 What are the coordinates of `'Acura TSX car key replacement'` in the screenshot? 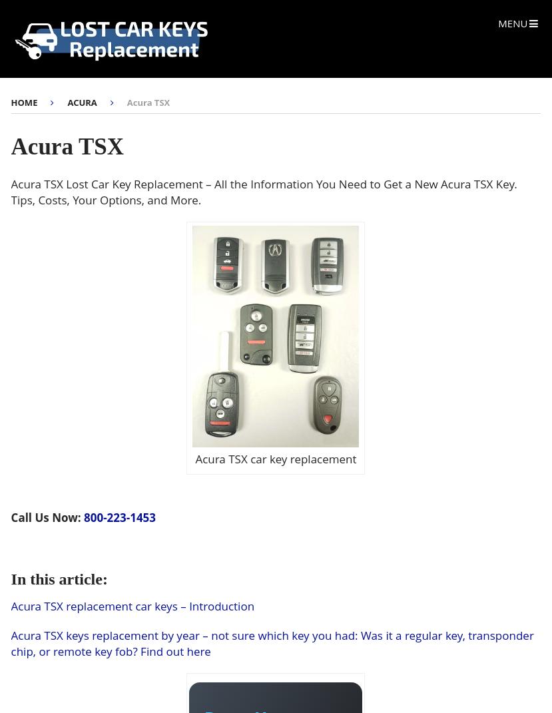 It's located at (276, 458).